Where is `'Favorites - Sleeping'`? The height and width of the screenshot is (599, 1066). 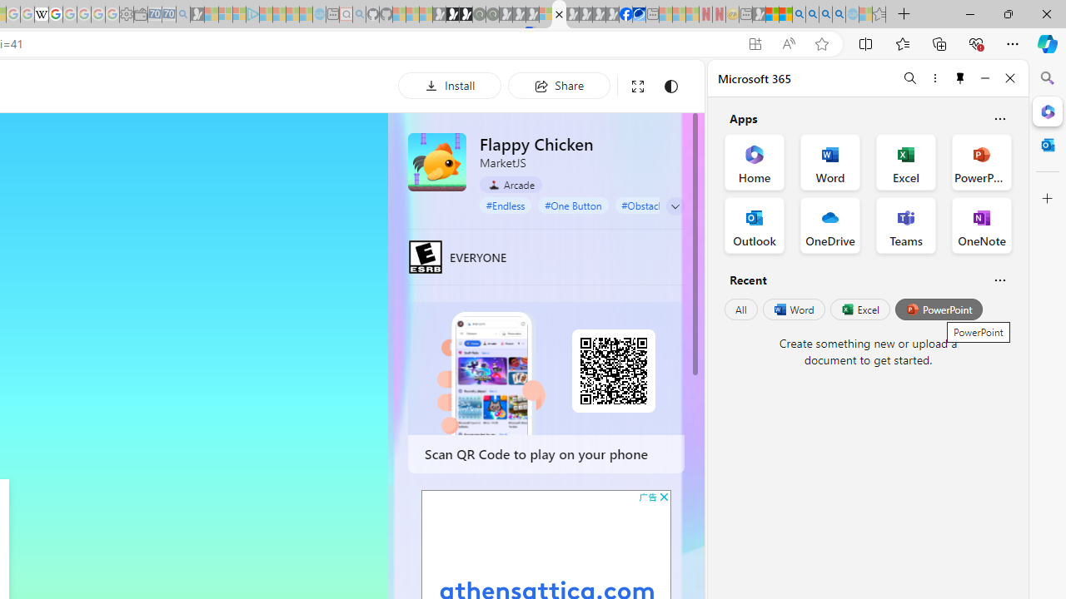 'Favorites - Sleeping' is located at coordinates (879, 14).